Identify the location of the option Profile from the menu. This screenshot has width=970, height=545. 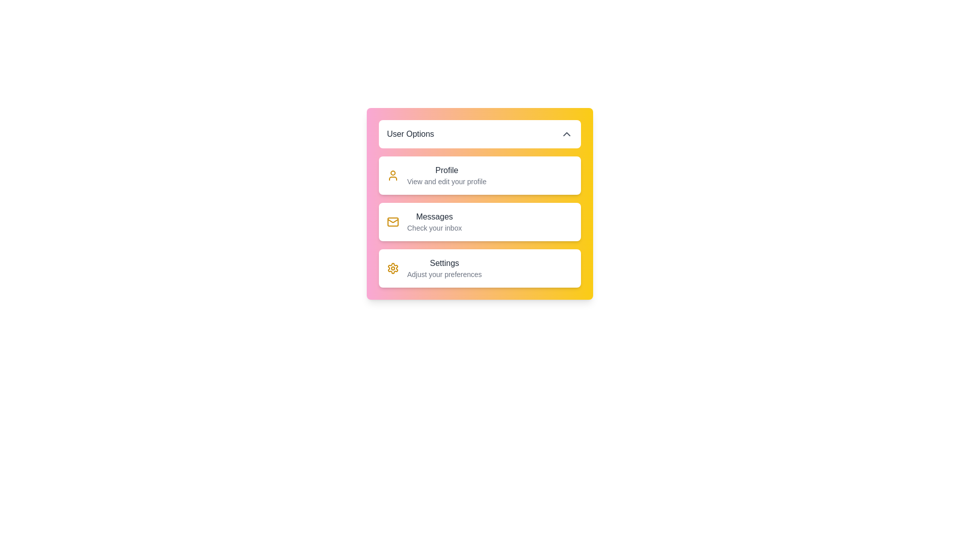
(437, 175).